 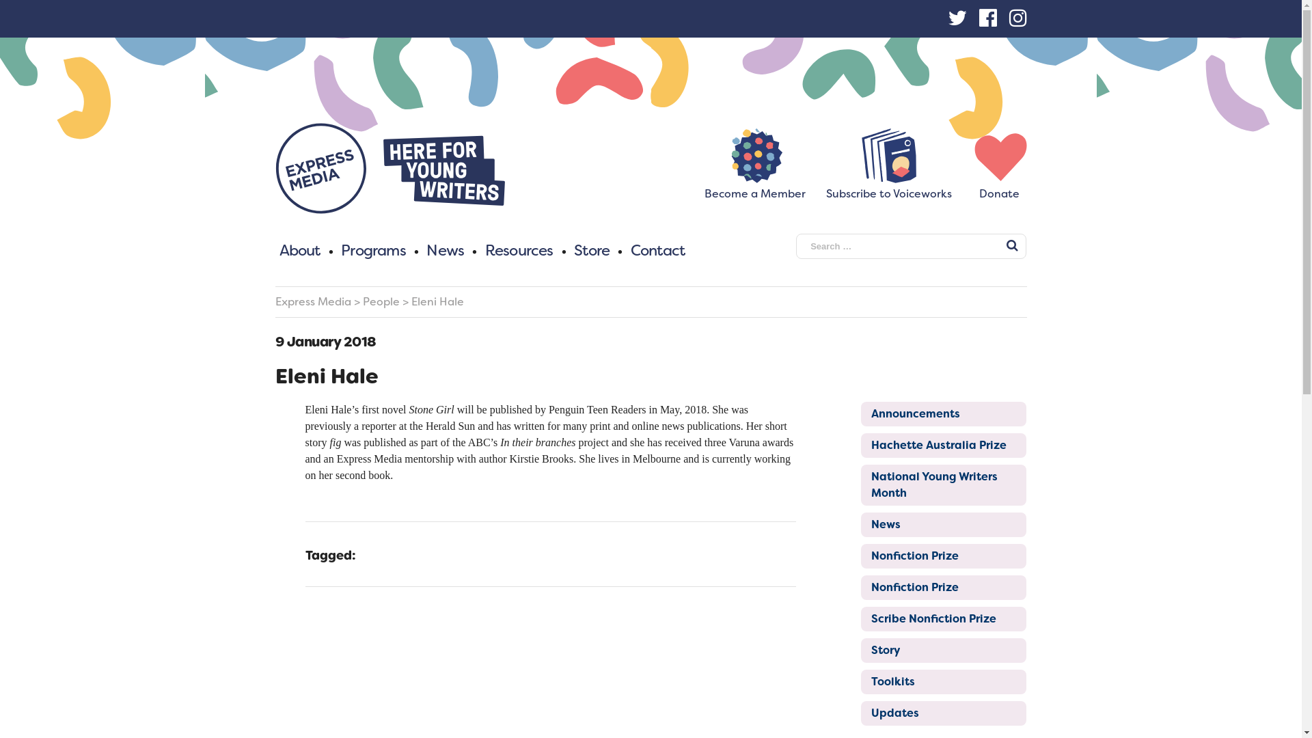 What do you see at coordinates (911, 246) in the screenshot?
I see `'Search for:'` at bounding box center [911, 246].